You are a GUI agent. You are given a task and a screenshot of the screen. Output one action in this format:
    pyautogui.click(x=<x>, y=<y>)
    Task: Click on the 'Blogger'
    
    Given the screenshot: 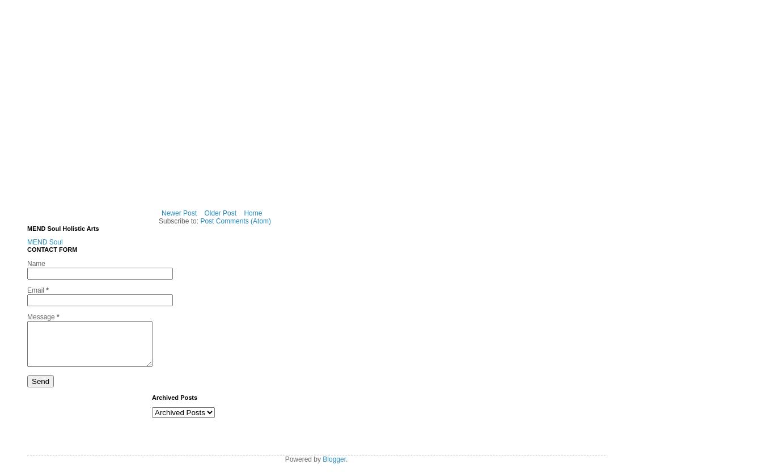 What is the action you would take?
    pyautogui.click(x=334, y=458)
    